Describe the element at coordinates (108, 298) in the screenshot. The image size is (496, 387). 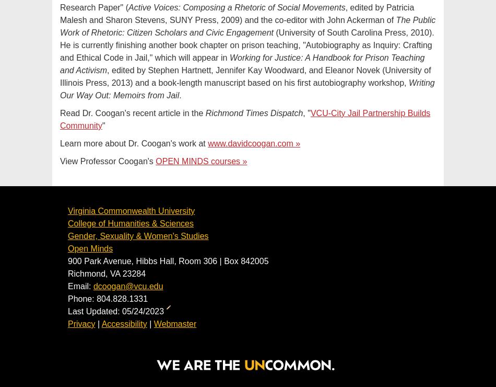
I see `'Phone: 804.828.1331'` at that location.